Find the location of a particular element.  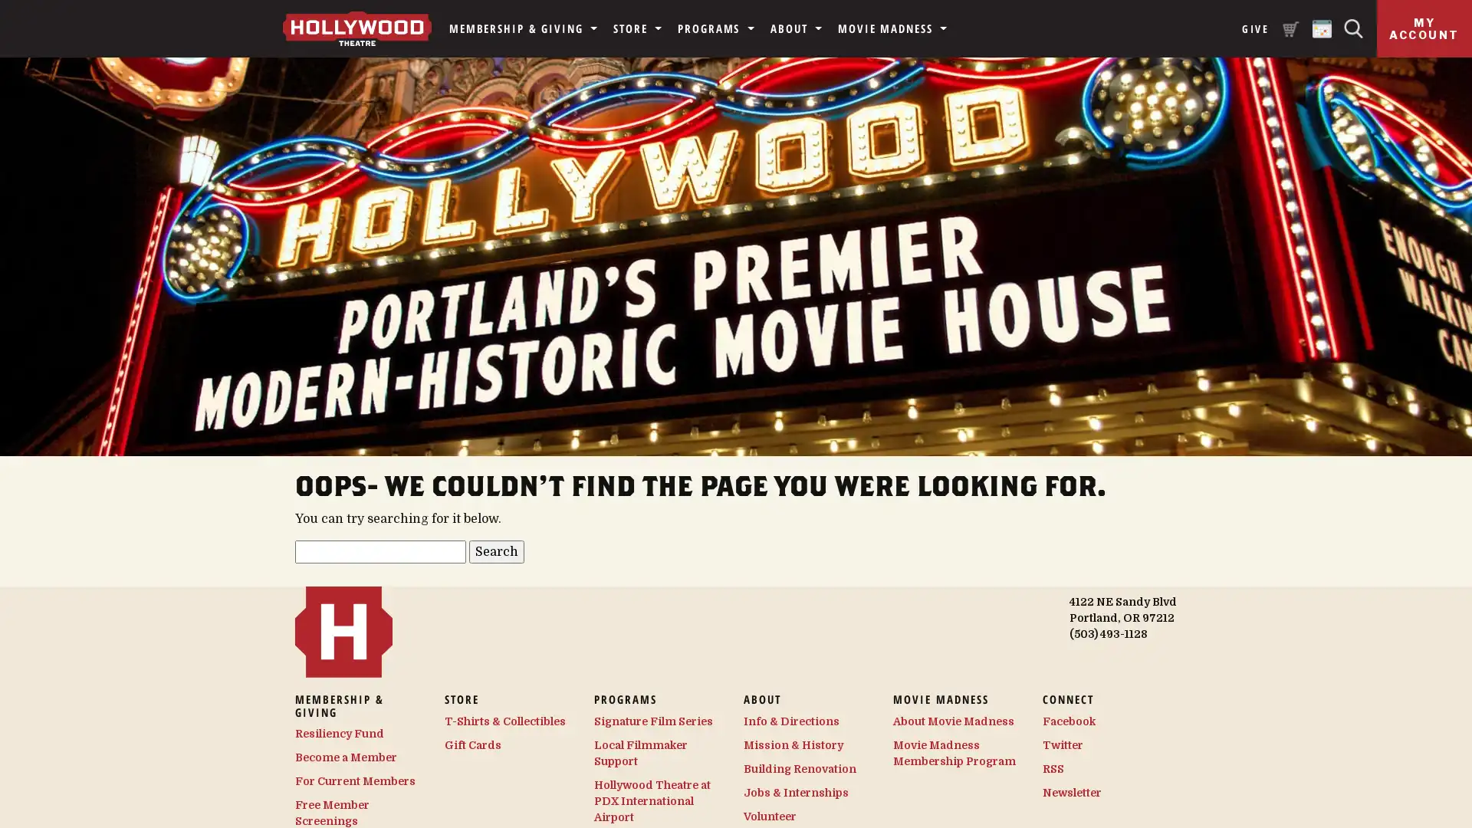

PROGRAMS is located at coordinates (715, 28).